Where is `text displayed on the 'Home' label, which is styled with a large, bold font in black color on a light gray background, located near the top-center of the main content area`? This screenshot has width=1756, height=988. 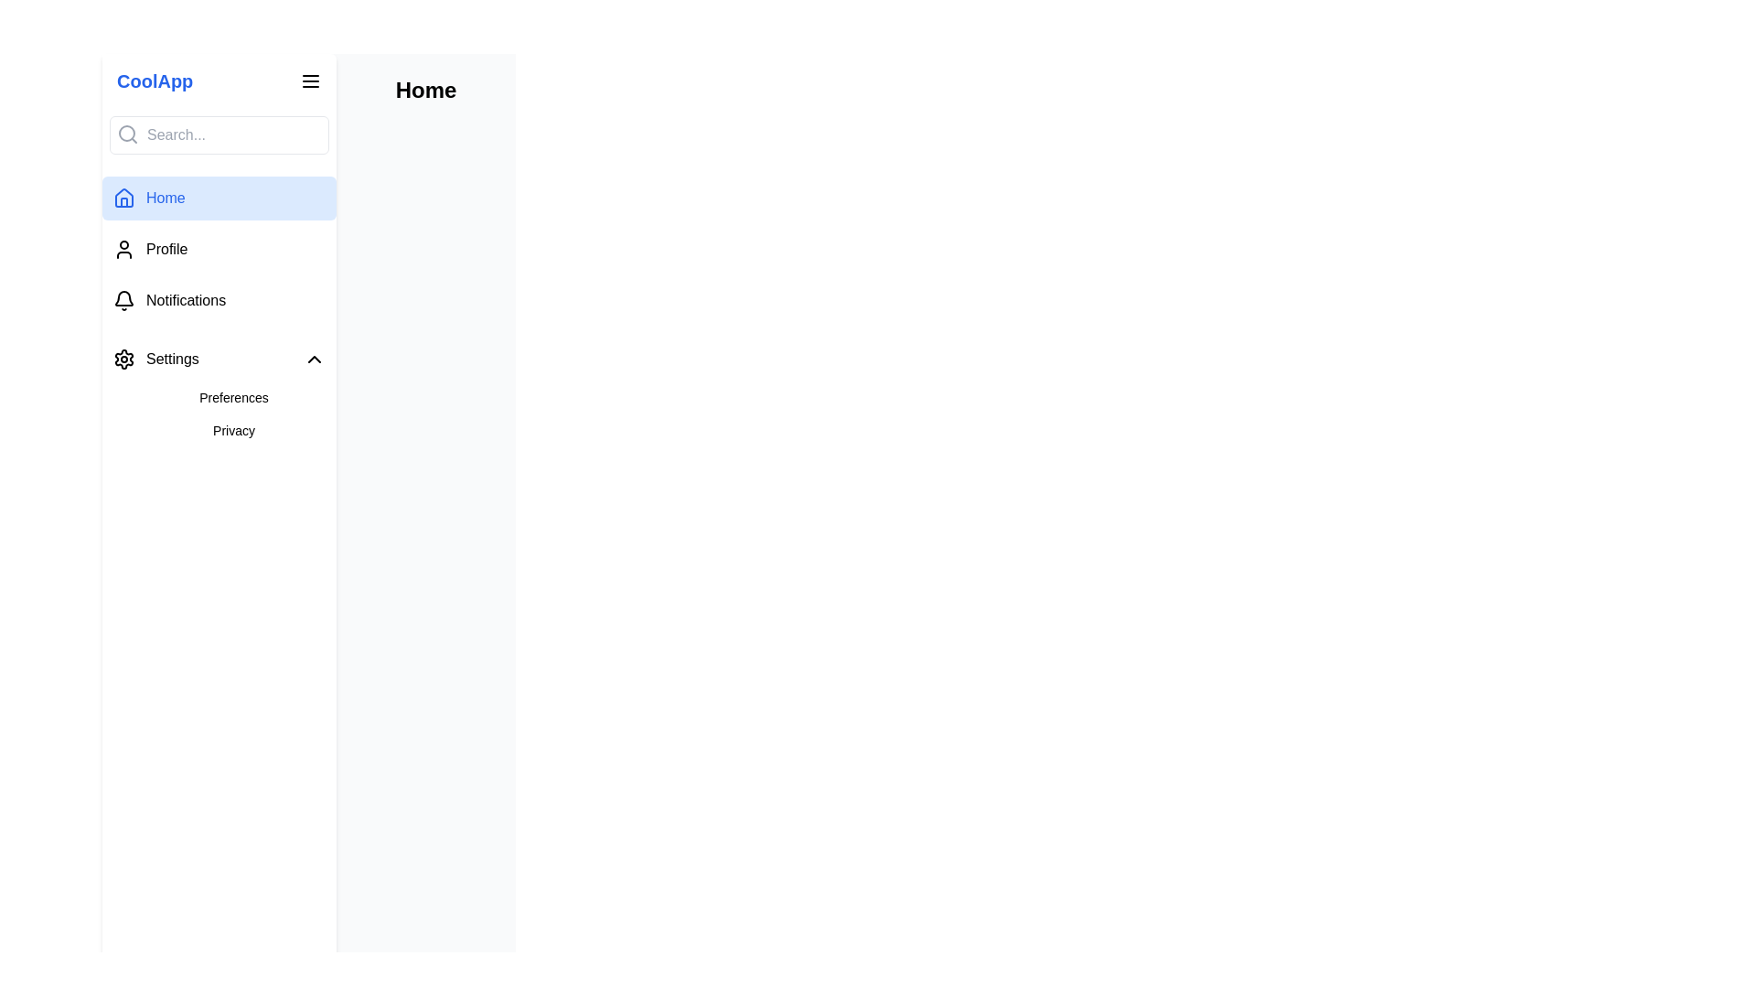 text displayed on the 'Home' label, which is styled with a large, bold font in black color on a light gray background, located near the top-center of the main content area is located at coordinates (424, 91).